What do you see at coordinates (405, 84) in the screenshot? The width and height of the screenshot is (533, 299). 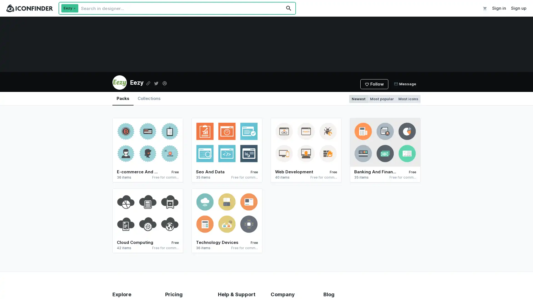 I see `Message` at bounding box center [405, 84].